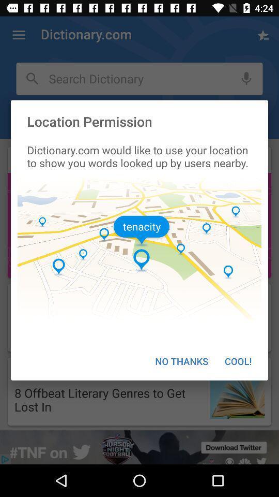  Describe the element at coordinates (181, 361) in the screenshot. I see `icon next to cool! icon` at that location.